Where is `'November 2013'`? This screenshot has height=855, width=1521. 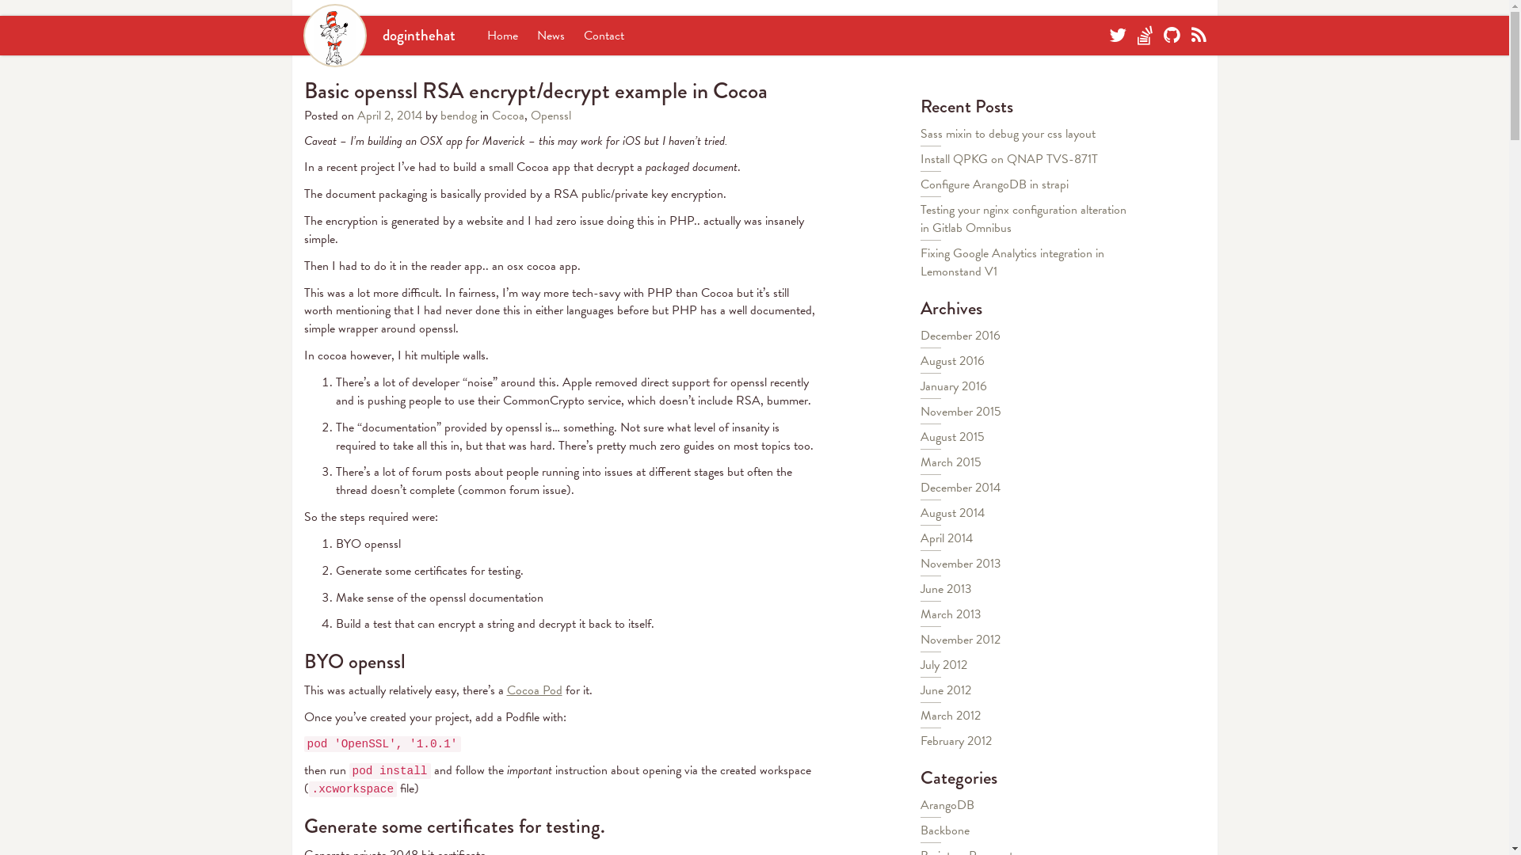 'November 2013' is located at coordinates (960, 563).